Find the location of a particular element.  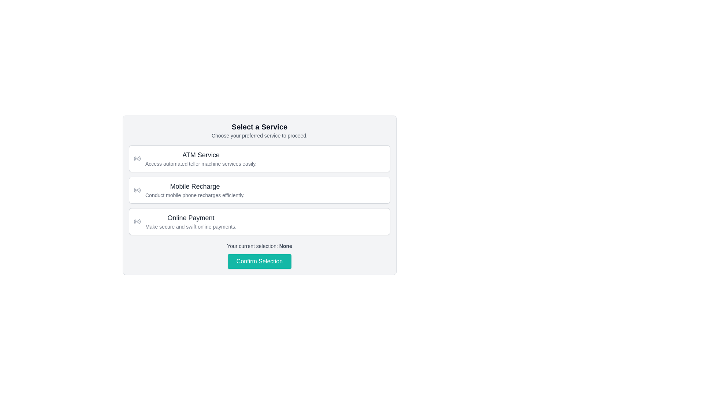

the label styled in bold text 'Online Payment' that describes 'Make secure and swift online payments.' located in the third option of a vertical list is located at coordinates (191, 221).